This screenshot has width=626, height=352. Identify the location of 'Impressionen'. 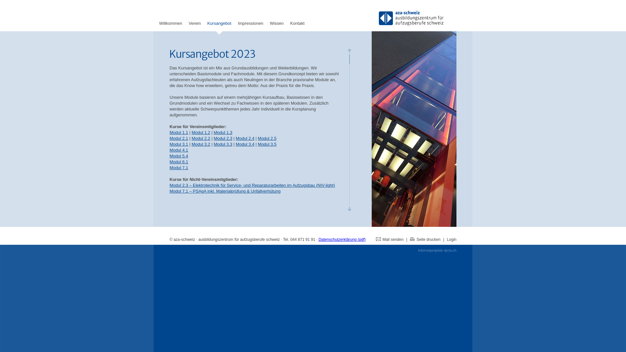
(250, 29).